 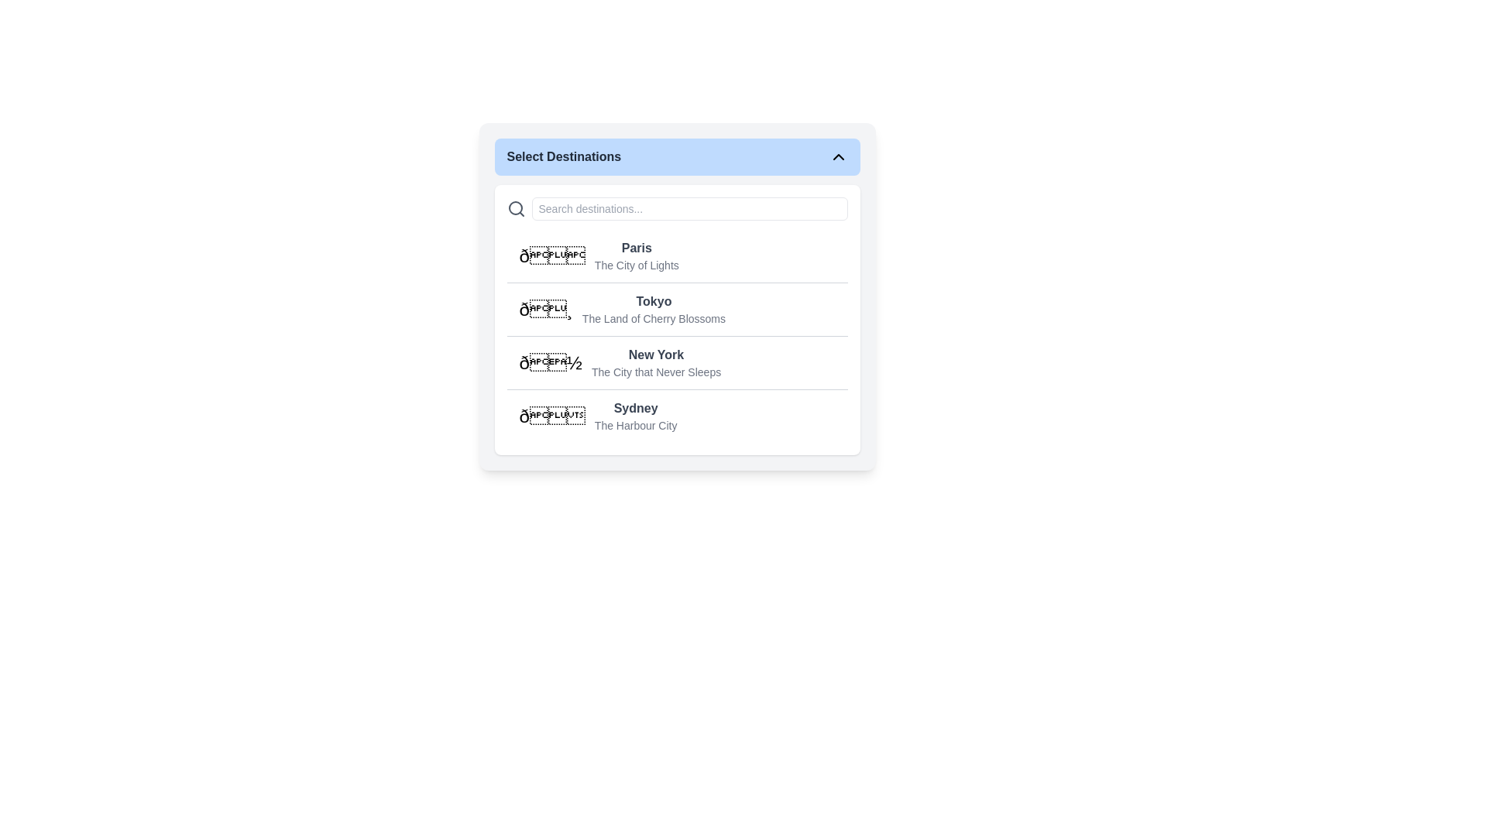 What do you see at coordinates (637, 255) in the screenshot?
I see `on the list item labeled 'Paris'` at bounding box center [637, 255].